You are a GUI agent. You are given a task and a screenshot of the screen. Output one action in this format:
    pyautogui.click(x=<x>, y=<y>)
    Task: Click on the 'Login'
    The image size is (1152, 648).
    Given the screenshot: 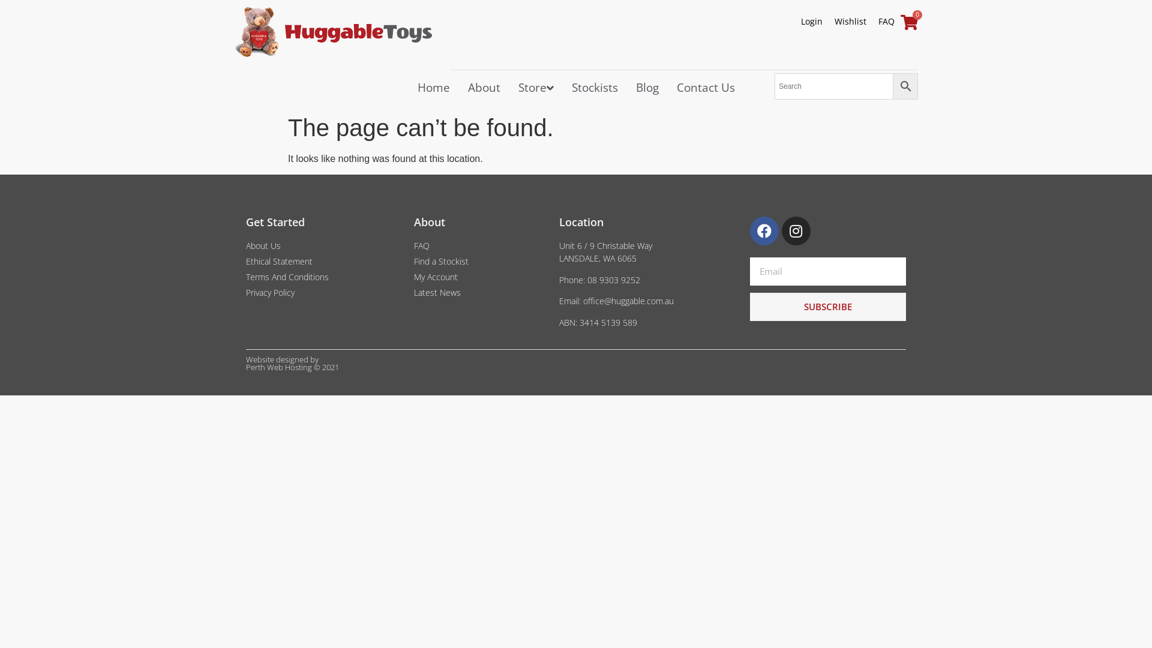 What is the action you would take?
    pyautogui.click(x=812, y=21)
    